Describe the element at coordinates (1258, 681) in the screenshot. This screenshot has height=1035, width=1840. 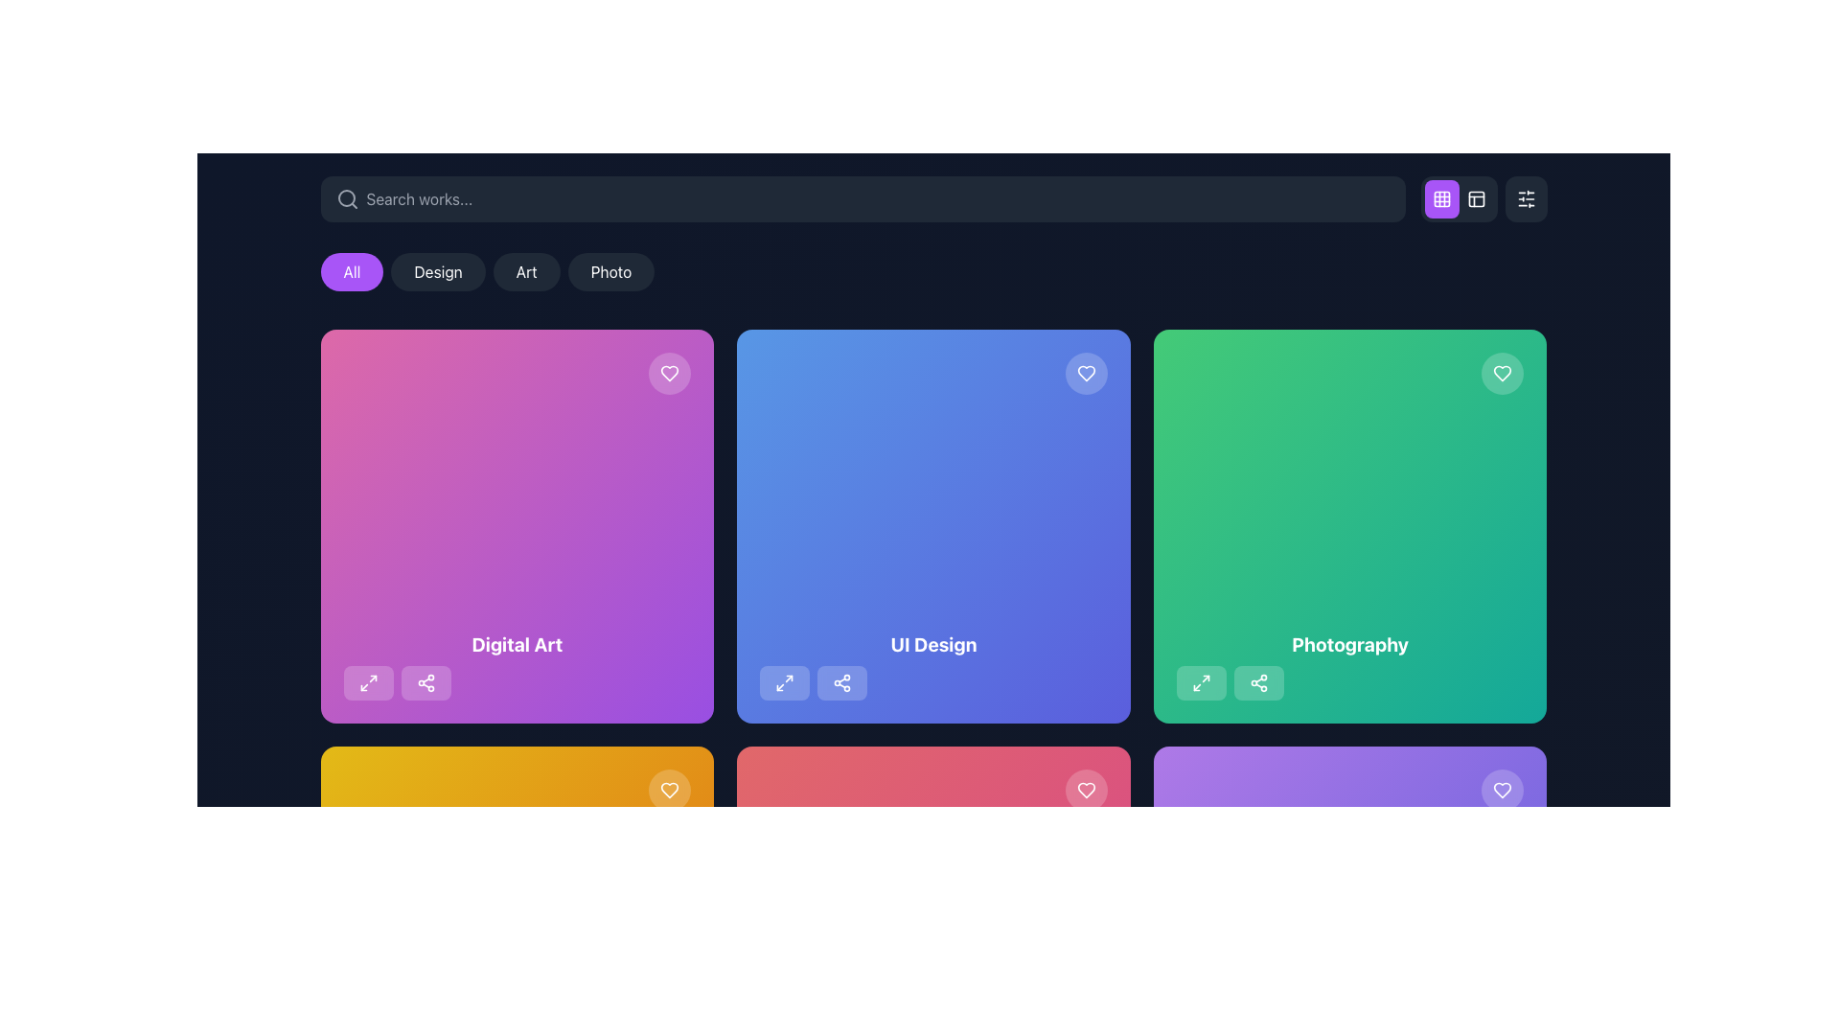
I see `the small circular icon button with three dots connected by lines, located in the bottom-right of the green card titled 'Photography'` at that location.